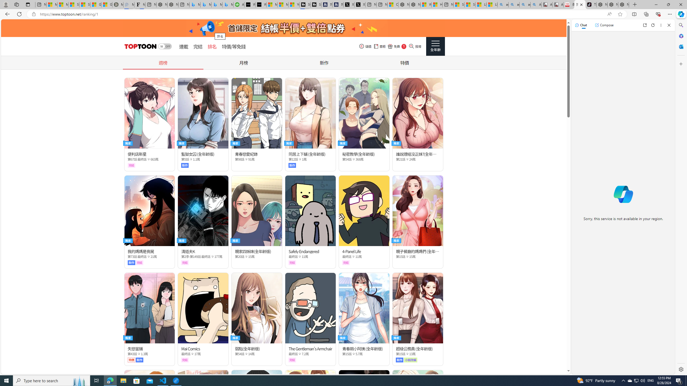  What do you see at coordinates (118, 4) in the screenshot?
I see `'Manatee Mortality Statistics | FWC'` at bounding box center [118, 4].